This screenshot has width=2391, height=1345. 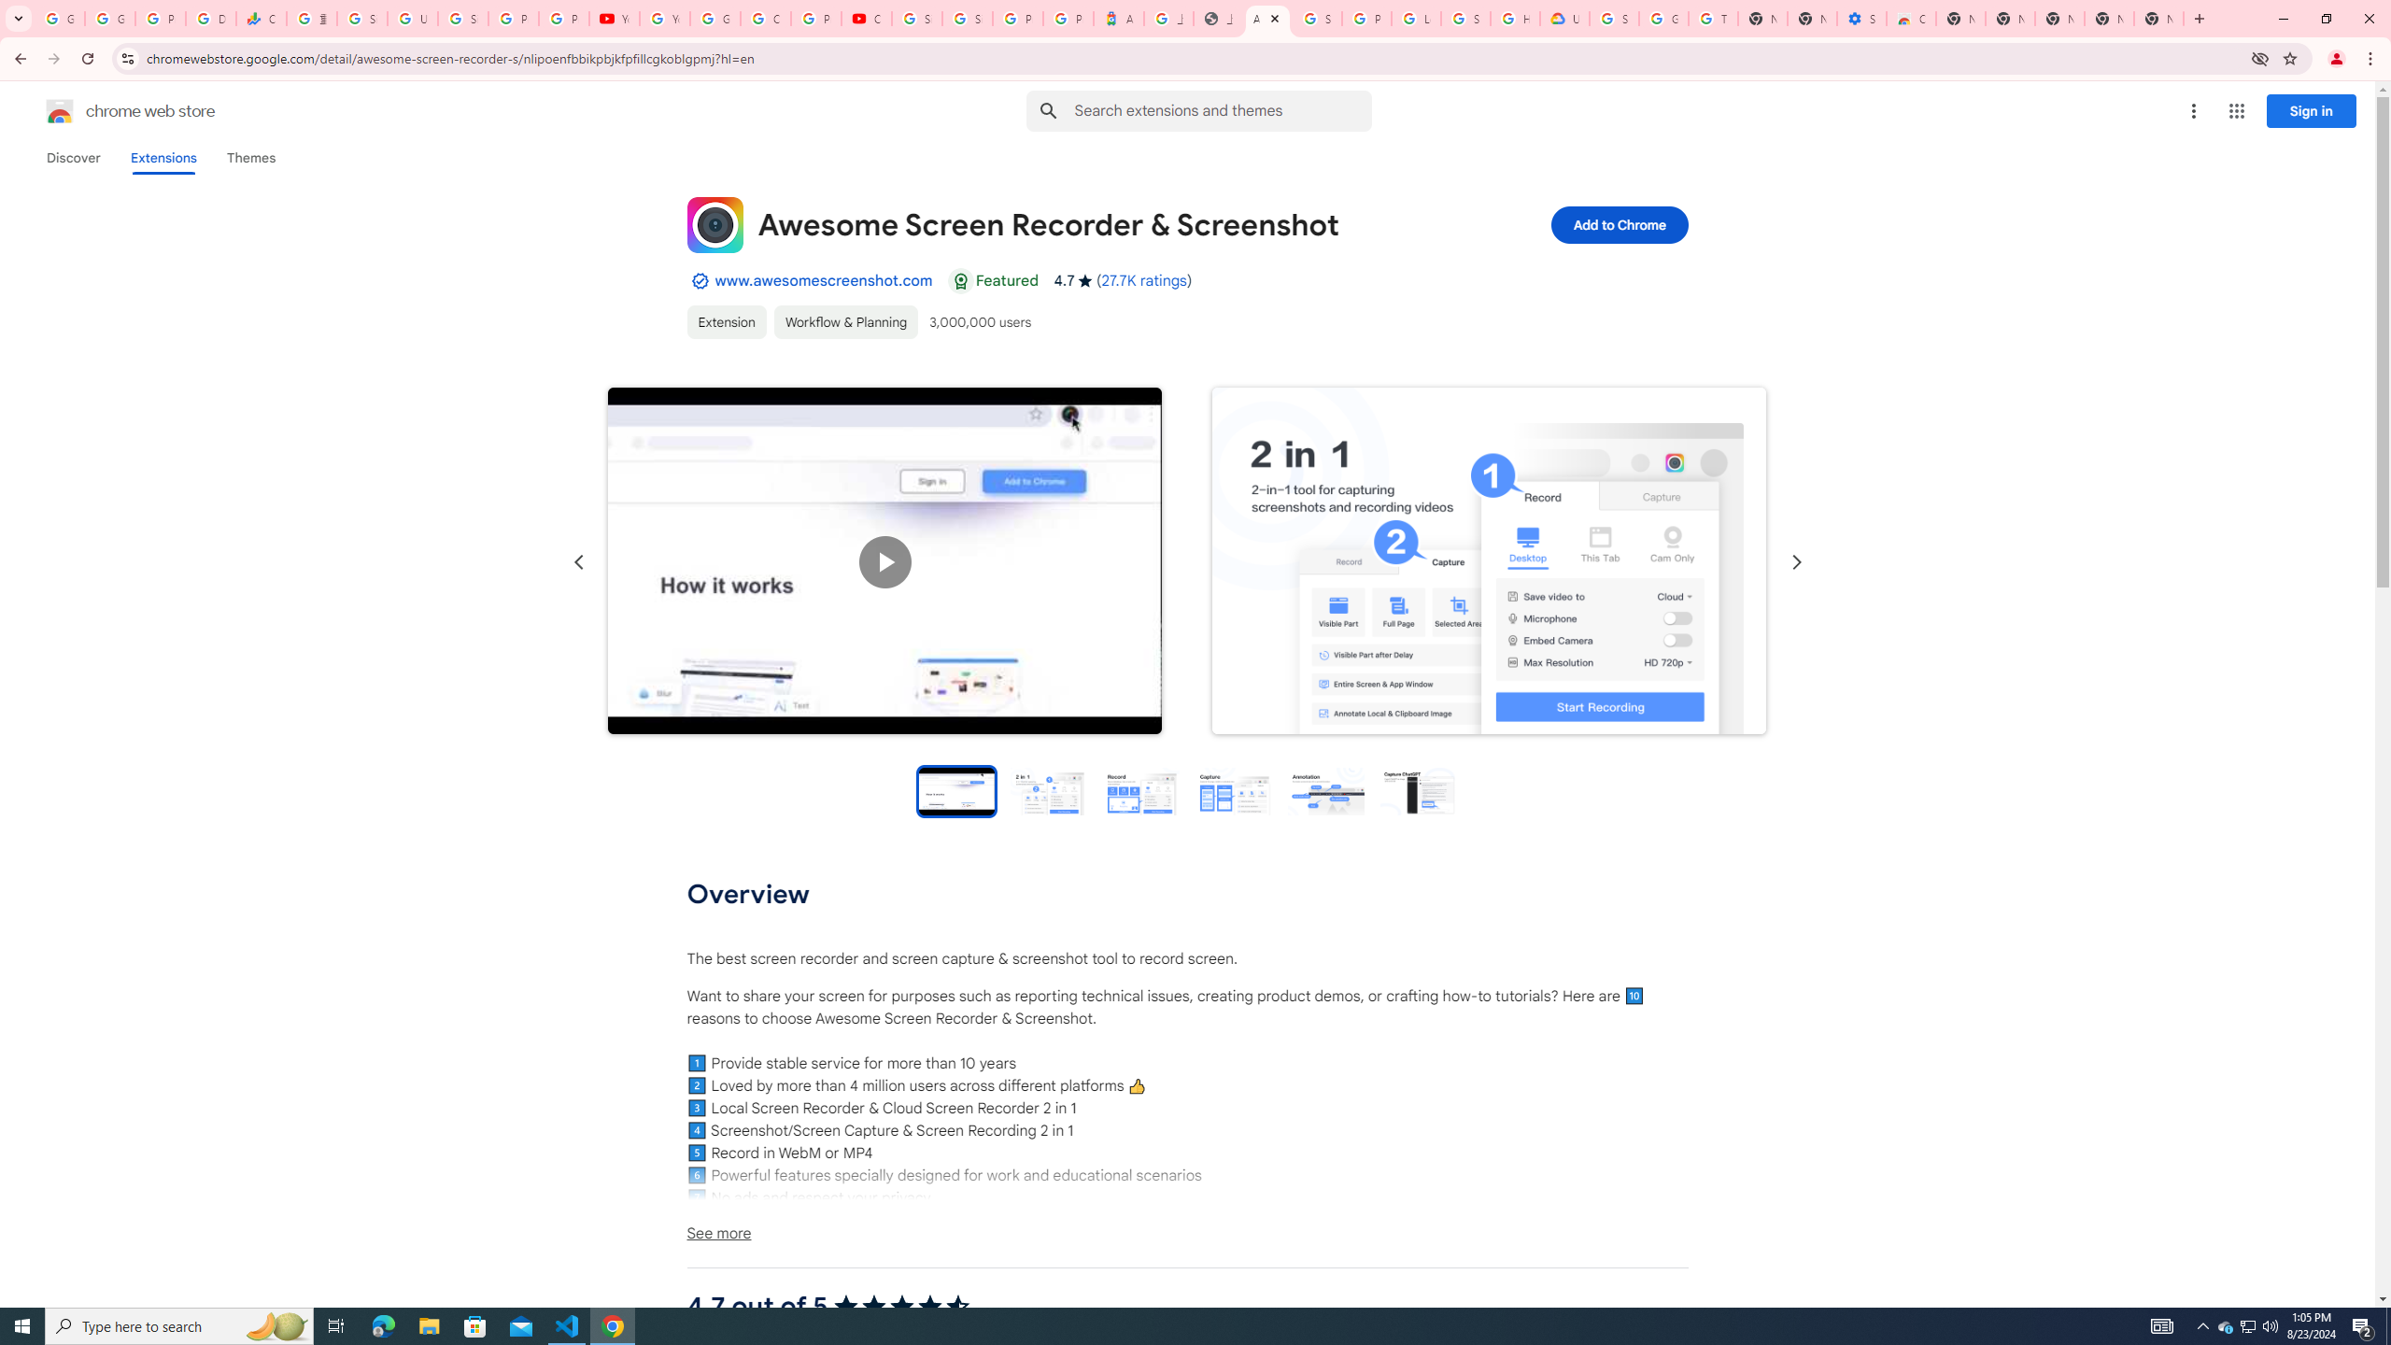 I want to click on 'Sign in - Google Accounts', so click(x=967, y=18).